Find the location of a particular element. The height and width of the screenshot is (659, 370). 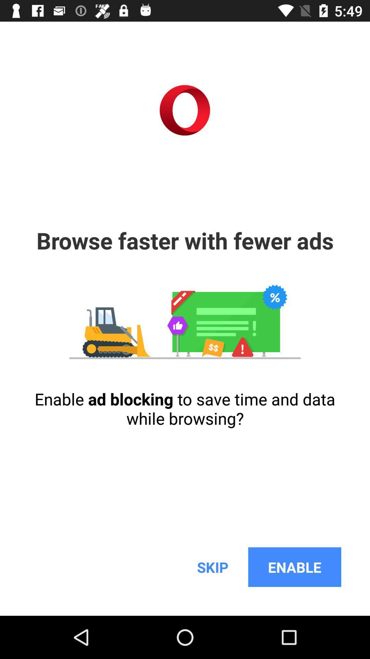

the icon to the left of enable icon is located at coordinates (212, 567).